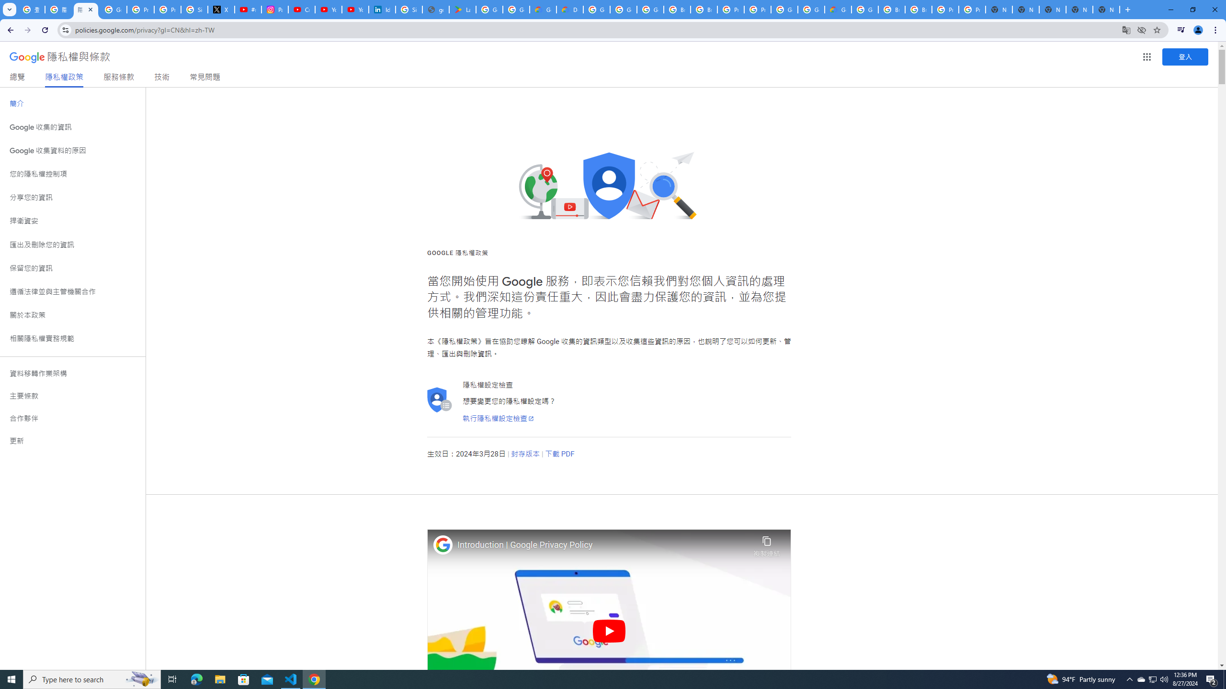 The height and width of the screenshot is (689, 1226). What do you see at coordinates (221, 9) in the screenshot?
I see `'X'` at bounding box center [221, 9].